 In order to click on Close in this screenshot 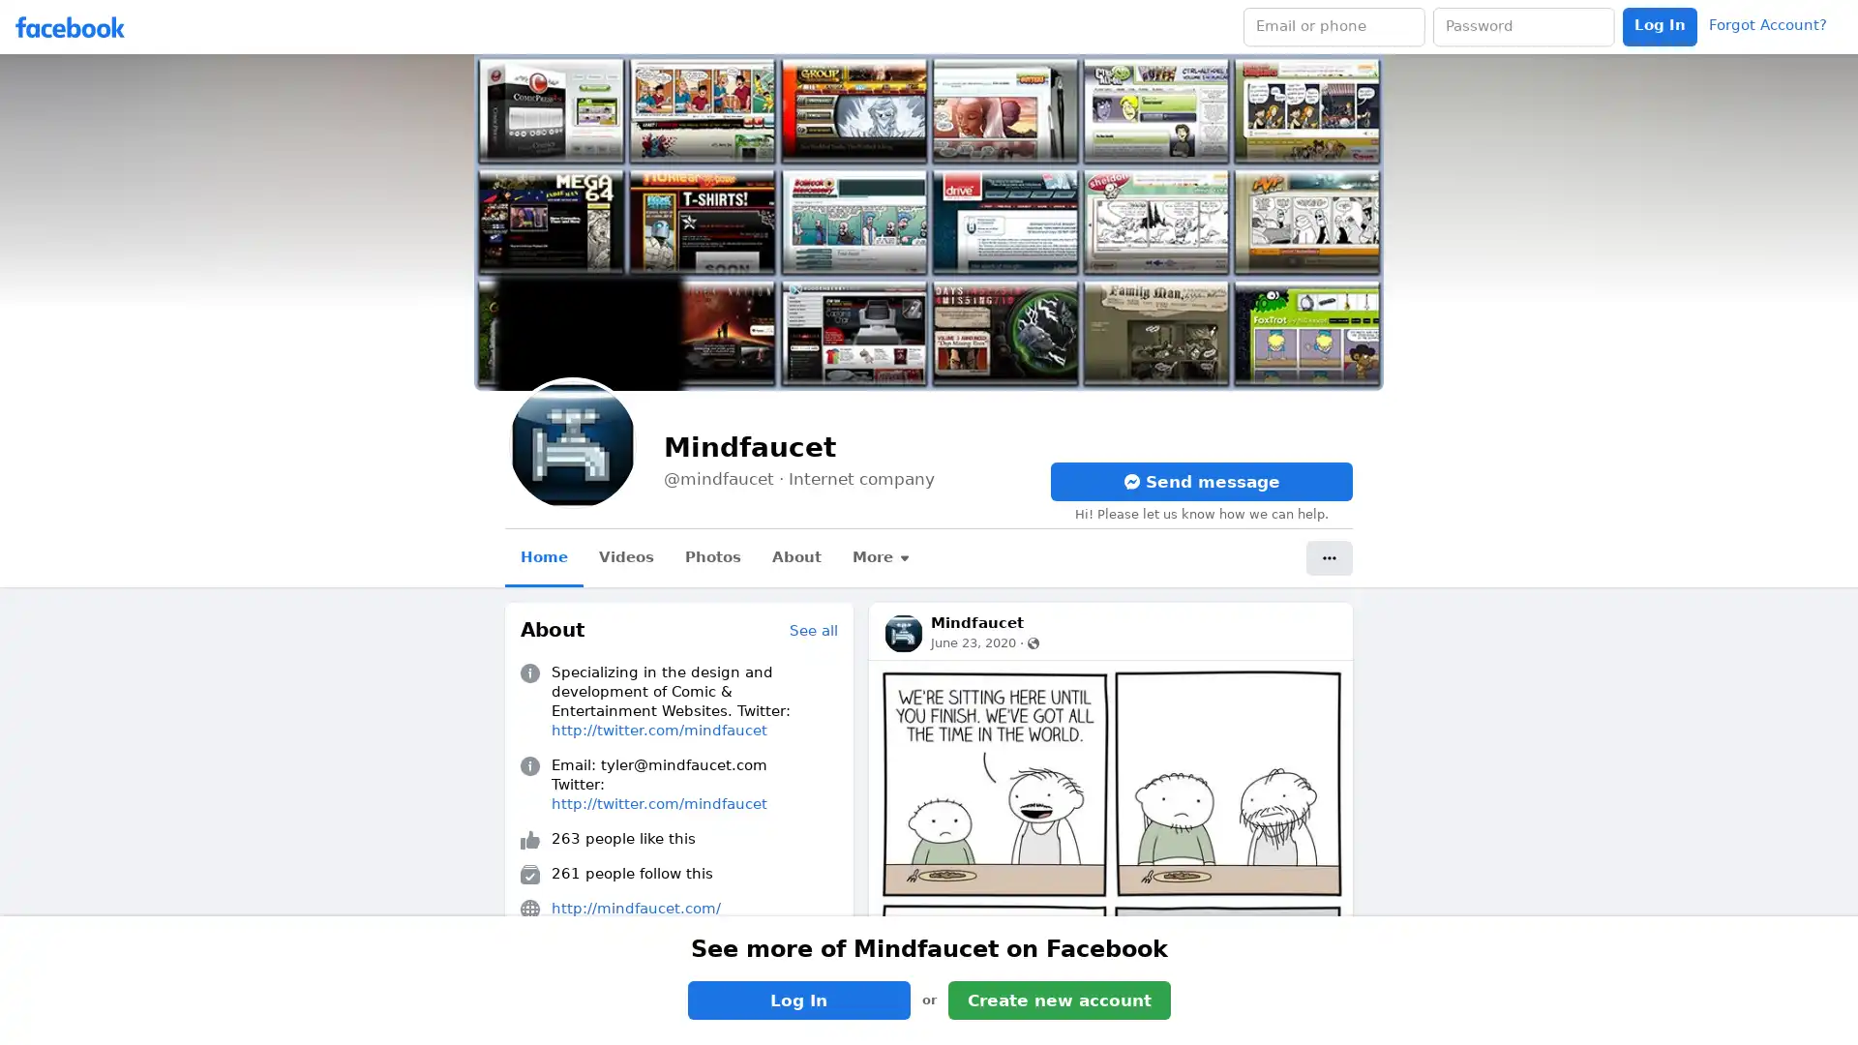, I will do `click(1161, 459)`.